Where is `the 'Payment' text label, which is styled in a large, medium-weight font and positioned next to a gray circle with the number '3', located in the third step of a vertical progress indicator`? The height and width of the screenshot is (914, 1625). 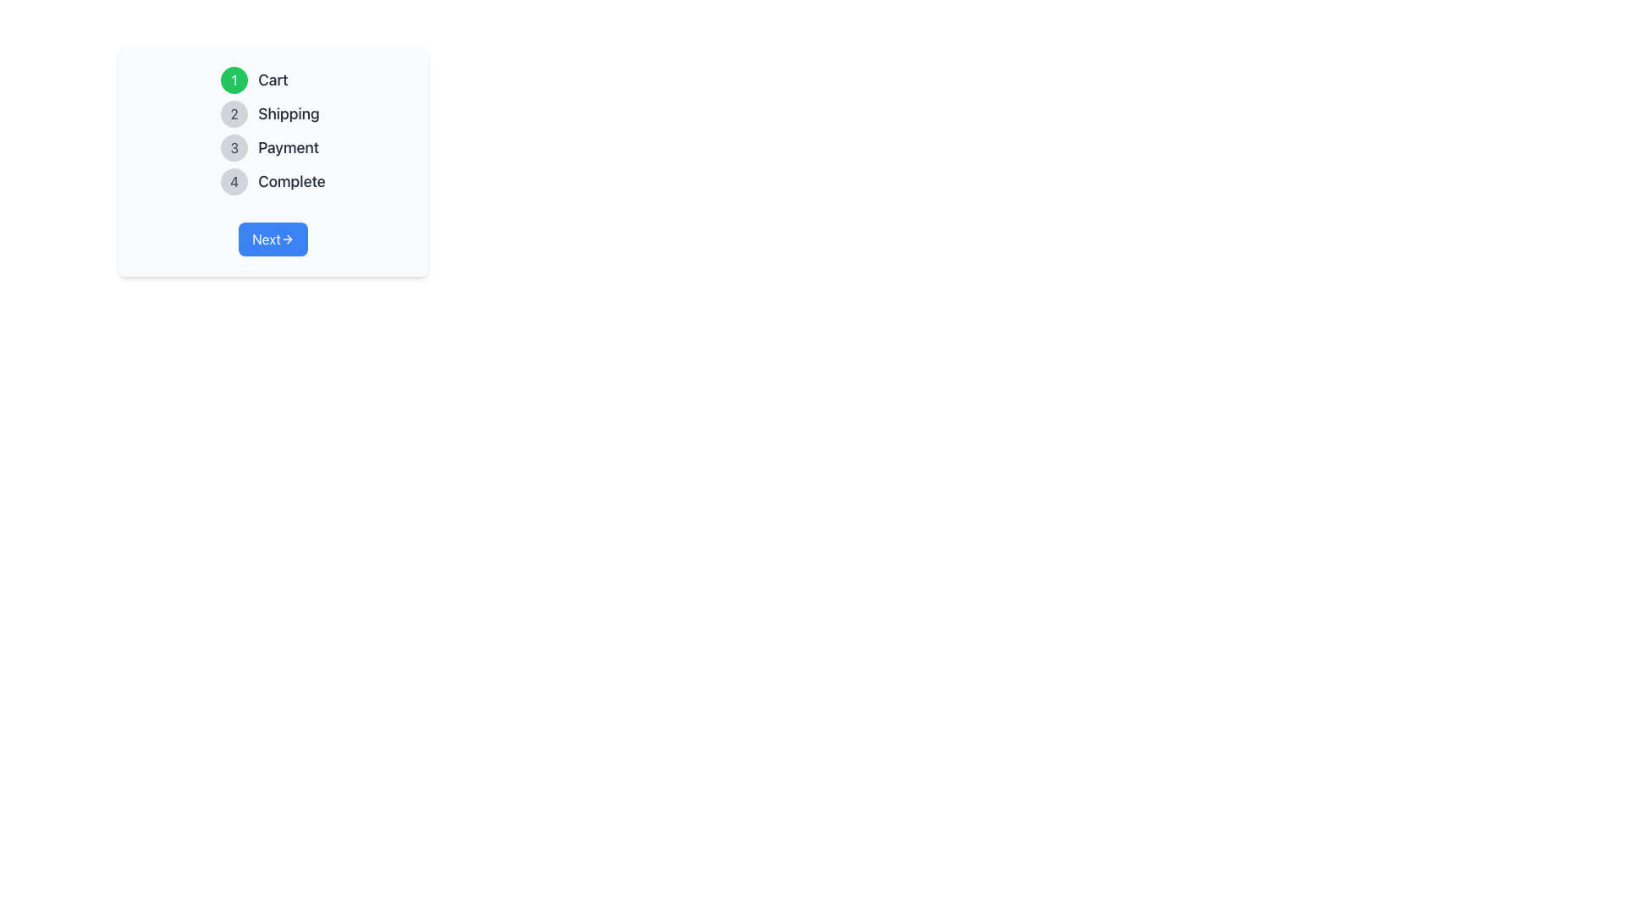
the 'Payment' text label, which is styled in a large, medium-weight font and positioned next to a gray circle with the number '3', located in the third step of a vertical progress indicator is located at coordinates (289, 146).